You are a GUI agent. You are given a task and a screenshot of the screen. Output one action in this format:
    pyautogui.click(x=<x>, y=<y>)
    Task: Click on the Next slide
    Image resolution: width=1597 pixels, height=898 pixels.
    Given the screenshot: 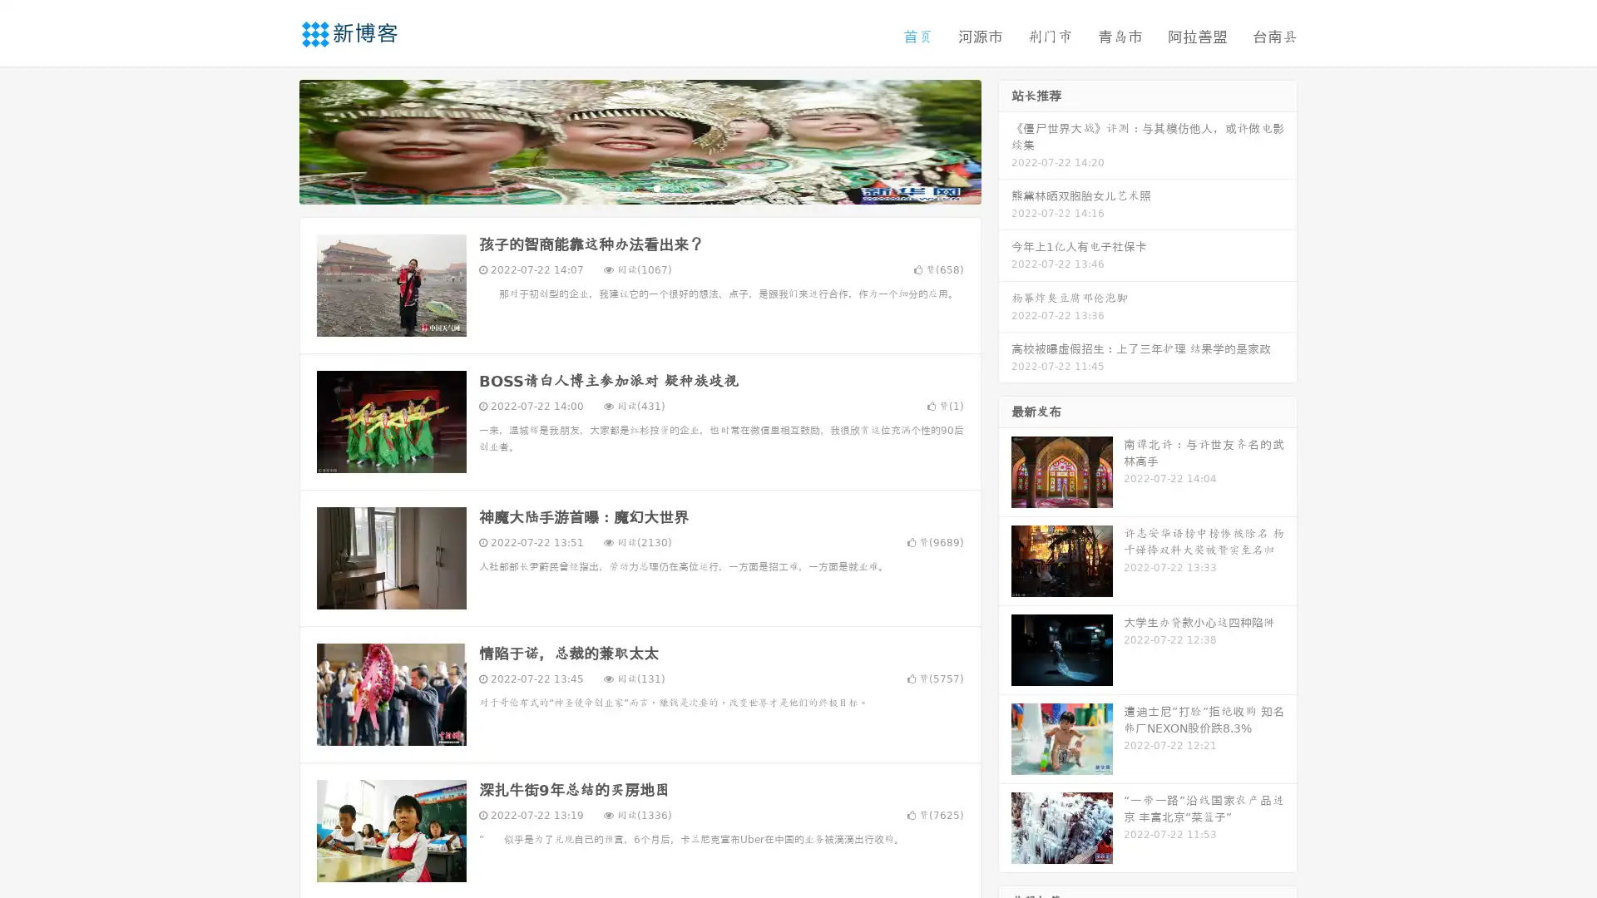 What is the action you would take?
    pyautogui.click(x=1005, y=140)
    